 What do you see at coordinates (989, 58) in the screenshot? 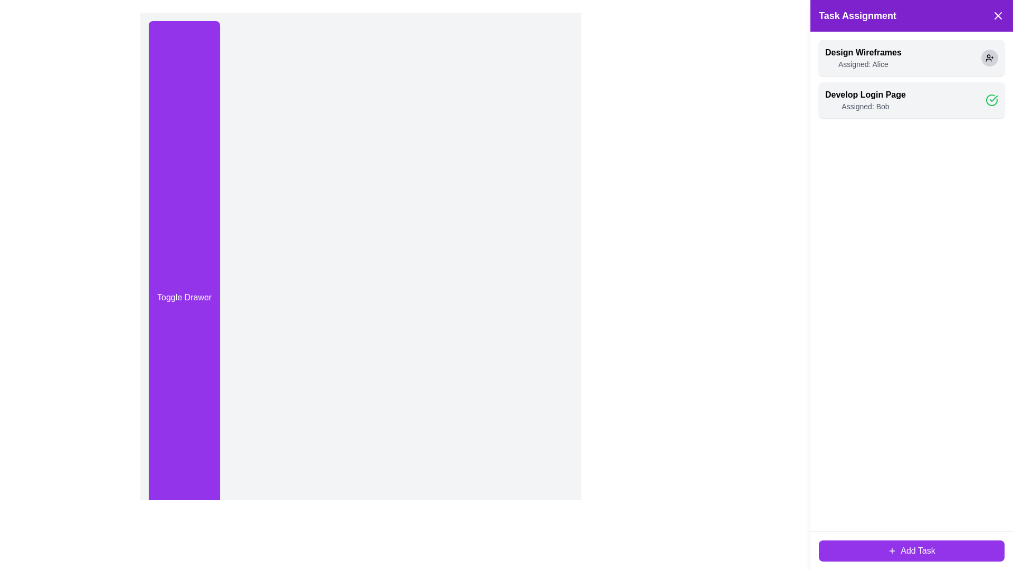
I see `the circular button with a light gray background and a black user figure icon` at bounding box center [989, 58].